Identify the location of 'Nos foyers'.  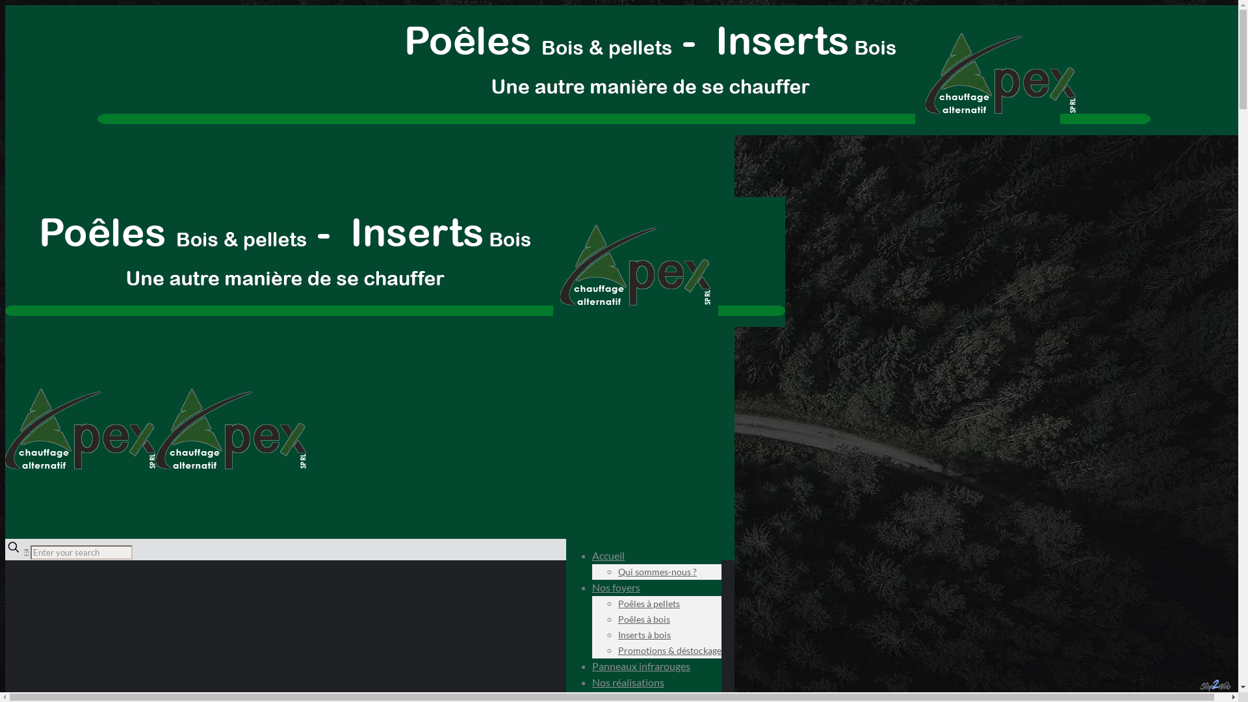
(591, 587).